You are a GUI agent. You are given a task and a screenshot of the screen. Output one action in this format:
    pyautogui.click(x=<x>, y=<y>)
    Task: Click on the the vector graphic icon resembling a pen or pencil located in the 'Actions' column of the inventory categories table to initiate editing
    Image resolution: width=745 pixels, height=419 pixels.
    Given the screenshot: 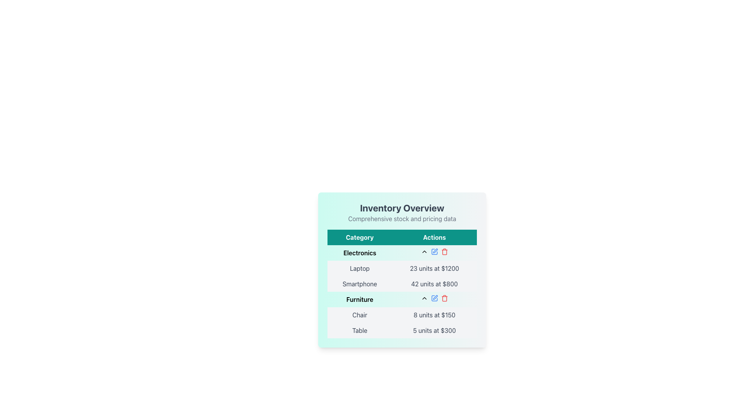 What is the action you would take?
    pyautogui.click(x=435, y=297)
    